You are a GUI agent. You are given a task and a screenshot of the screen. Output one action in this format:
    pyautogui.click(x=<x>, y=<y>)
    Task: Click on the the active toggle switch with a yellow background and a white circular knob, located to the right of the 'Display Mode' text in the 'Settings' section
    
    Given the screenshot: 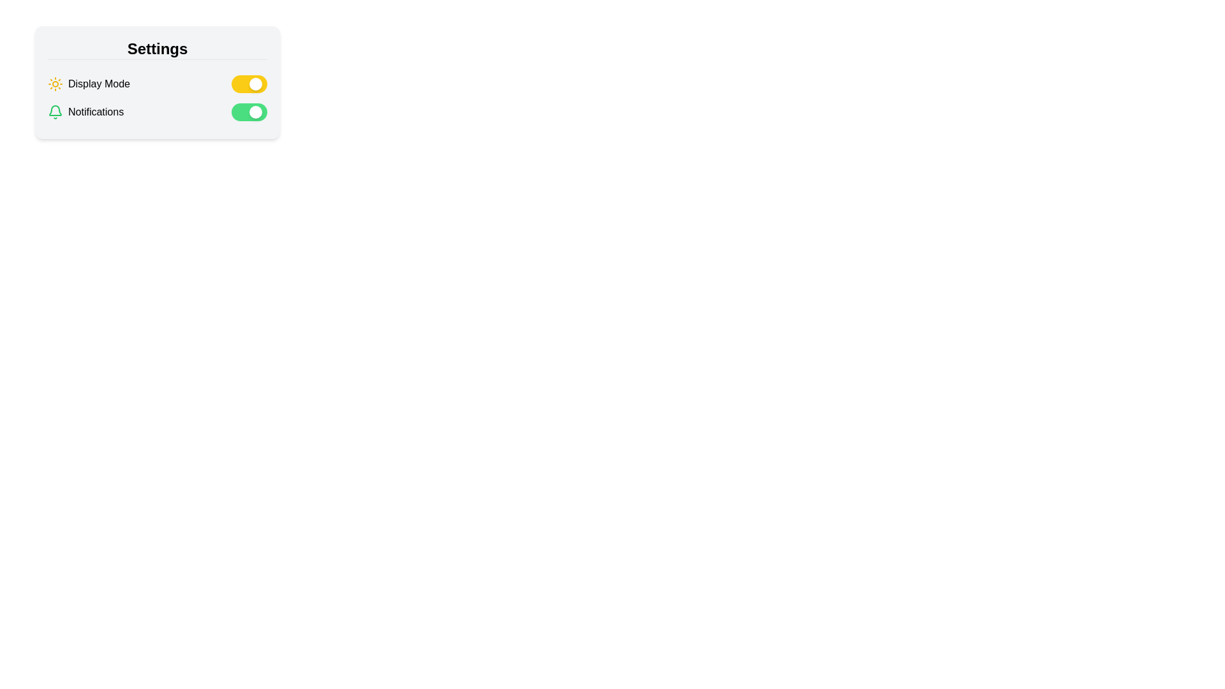 What is the action you would take?
    pyautogui.click(x=249, y=84)
    